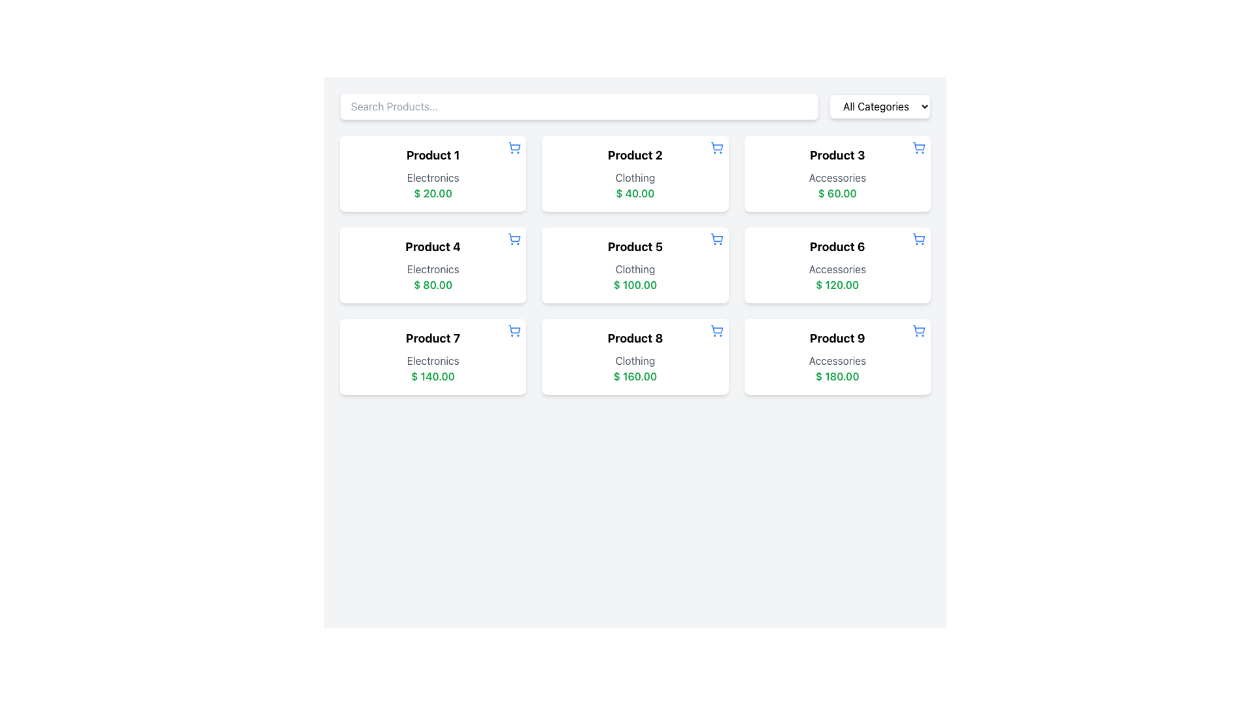  I want to click on the text label displaying the price "$20.00" in bold green font, located within the card for "Product 1", so click(433, 193).